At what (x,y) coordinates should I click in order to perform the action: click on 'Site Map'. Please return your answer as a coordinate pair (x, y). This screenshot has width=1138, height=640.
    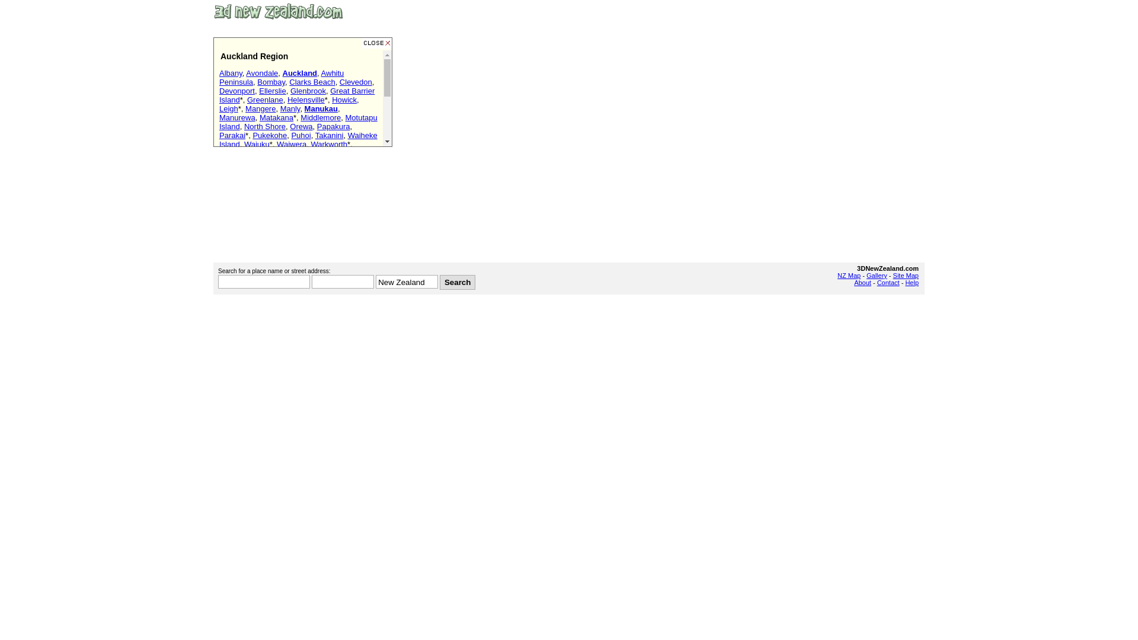
    Looking at the image, I should click on (905, 276).